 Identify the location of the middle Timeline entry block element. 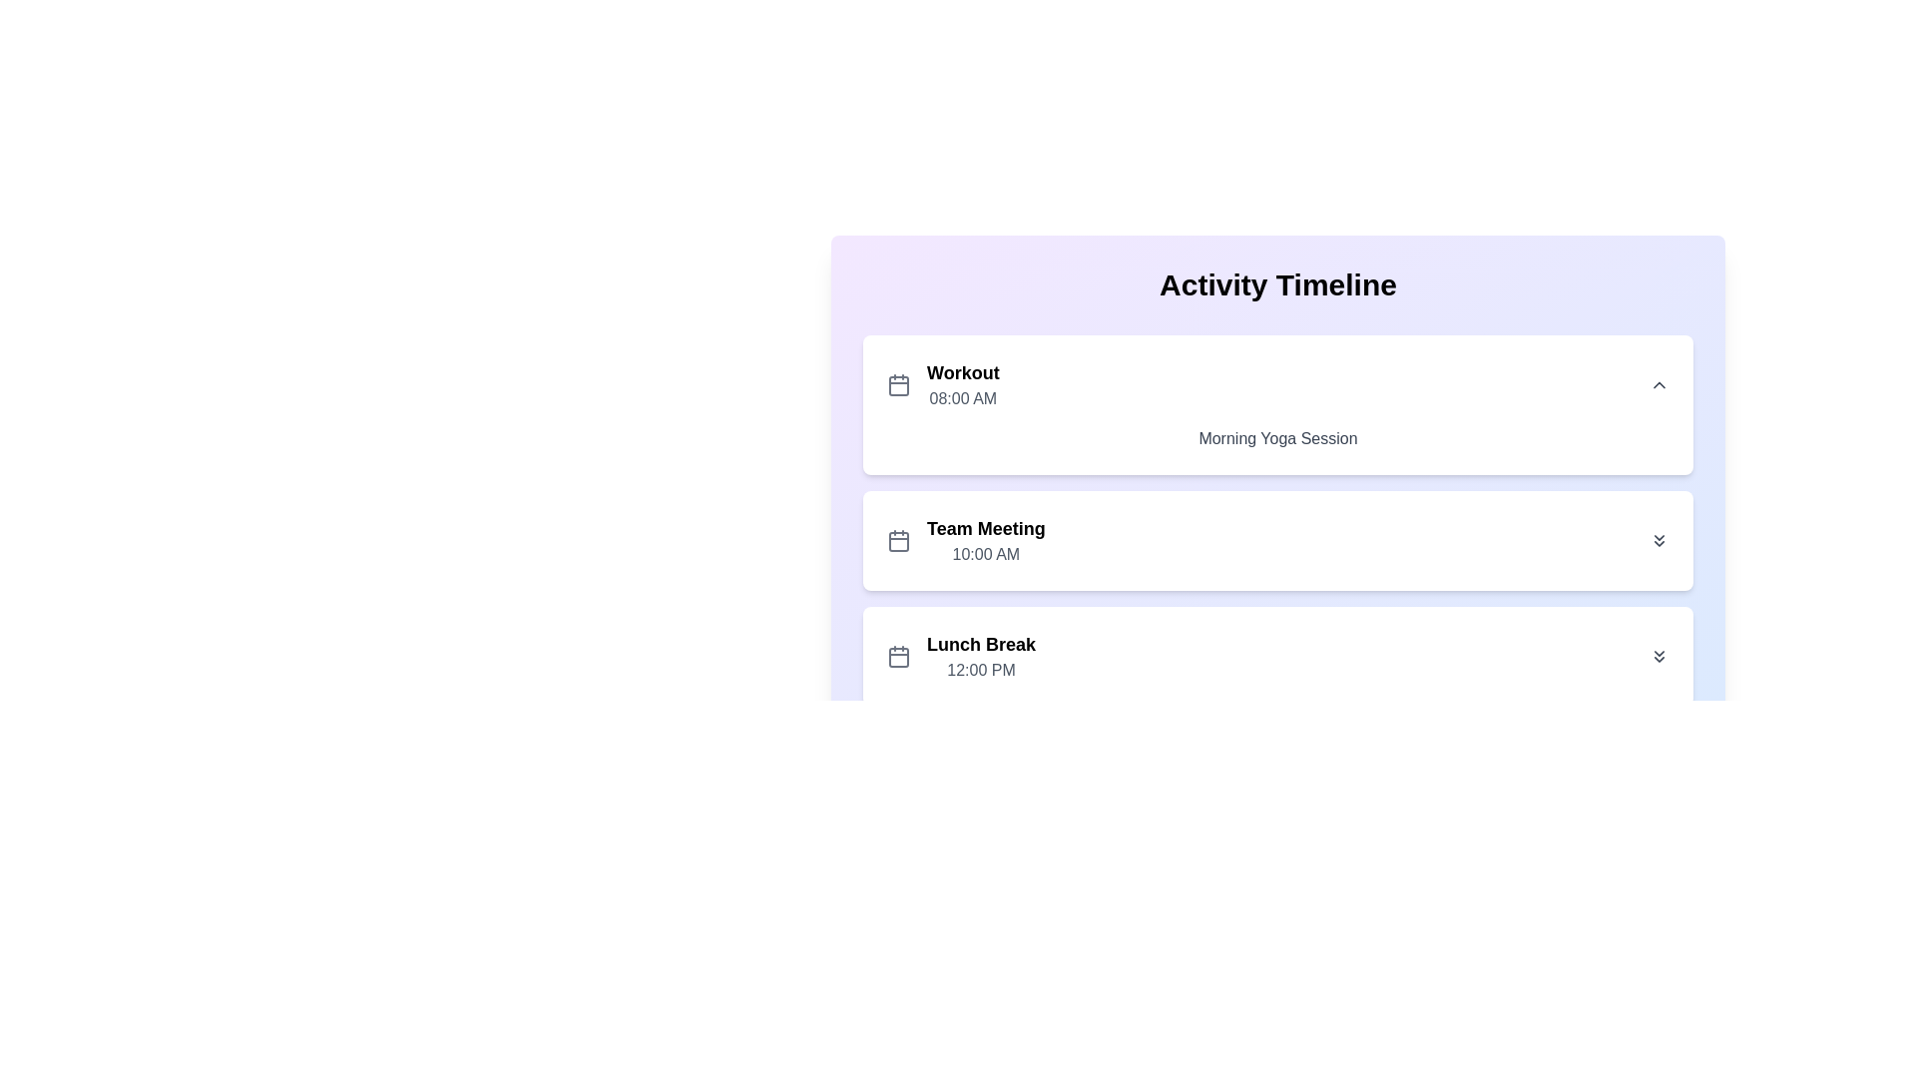
(1278, 519).